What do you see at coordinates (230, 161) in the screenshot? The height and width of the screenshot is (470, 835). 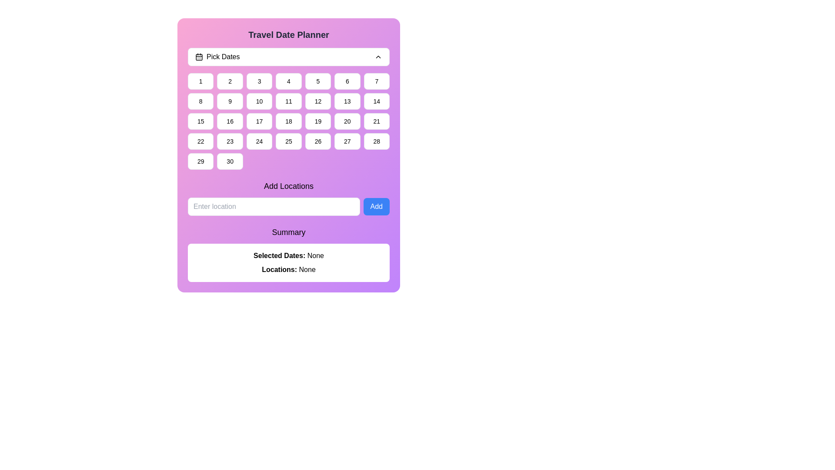 I see `the button labeled '30', which is a rectangular button with a white background and rounded borders` at bounding box center [230, 161].